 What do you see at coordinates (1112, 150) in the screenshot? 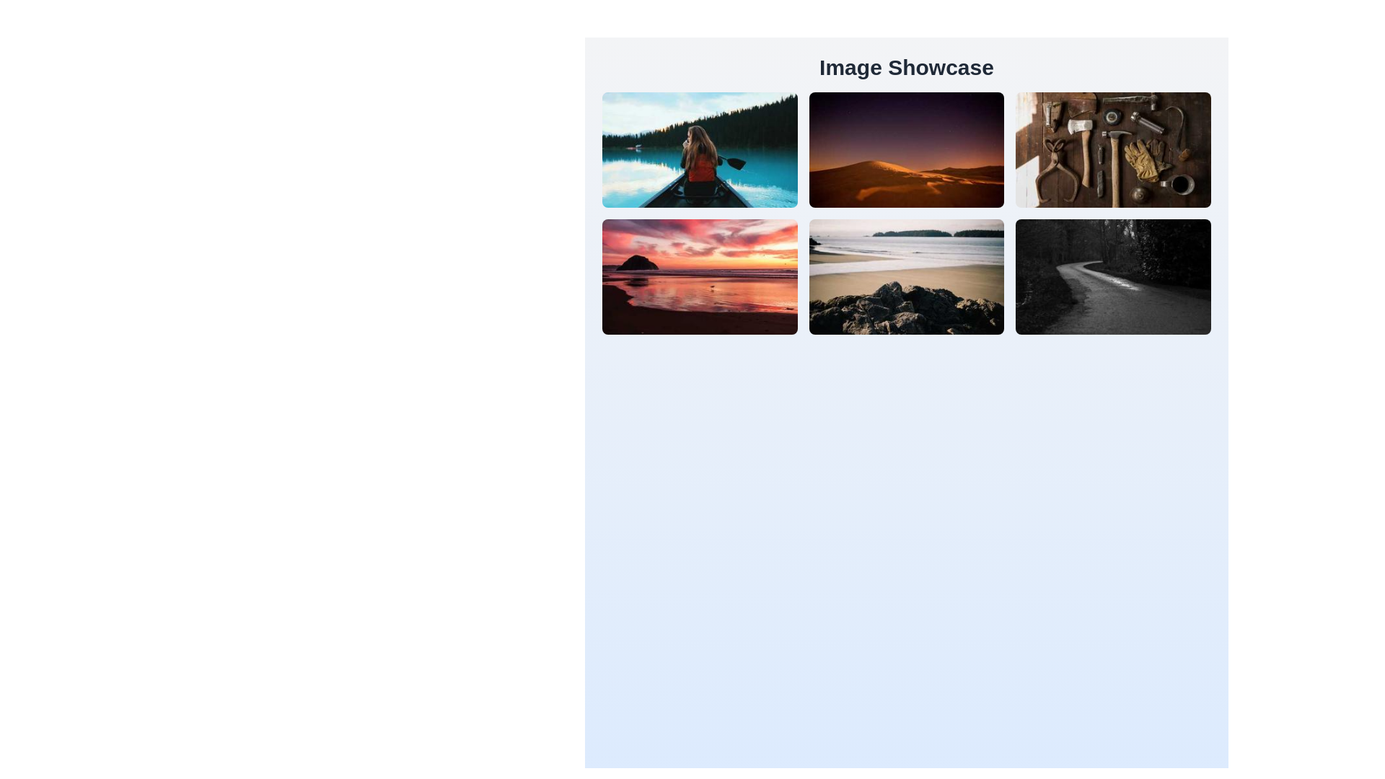
I see `the maximize icon button, which is a square with diagonal lines at the corners, located in the top-right corner of the third image in the 'Image Showcase' grid` at bounding box center [1112, 150].